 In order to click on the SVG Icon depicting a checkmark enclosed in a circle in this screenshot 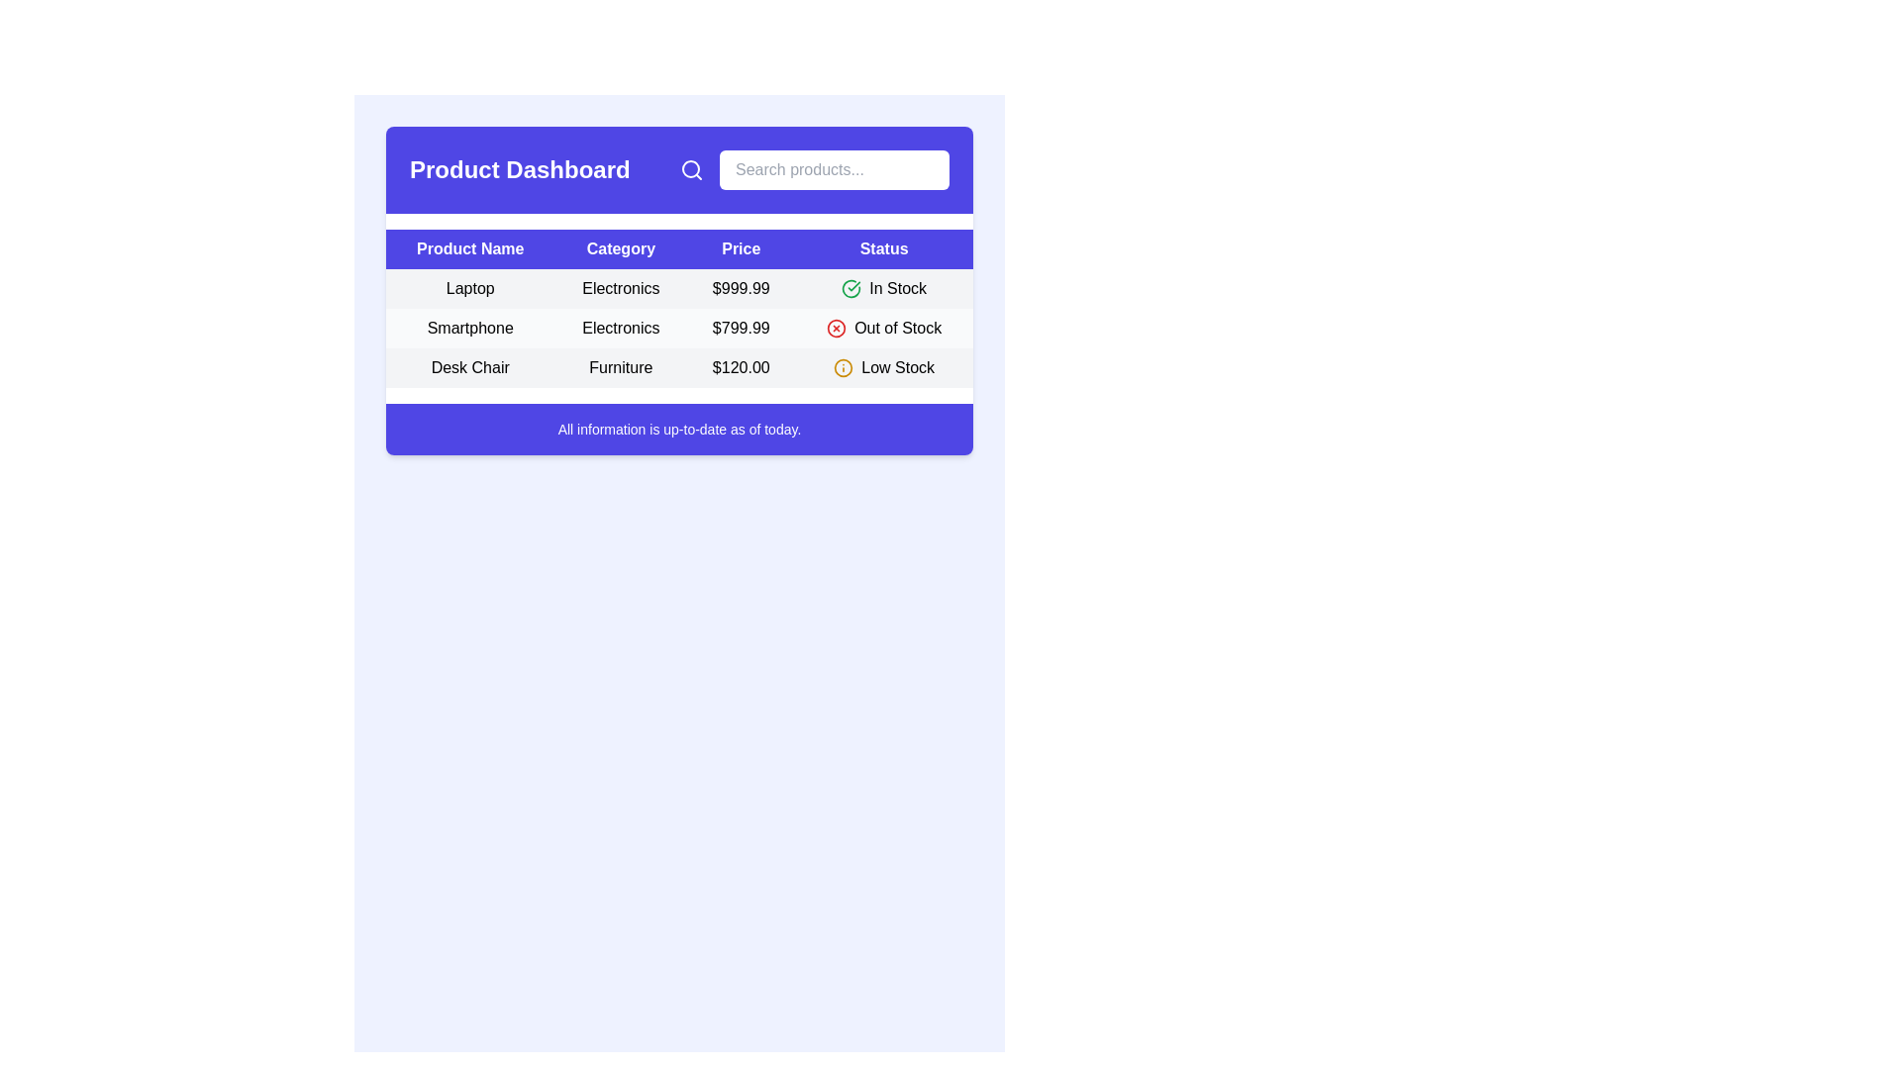, I will do `click(851, 289)`.